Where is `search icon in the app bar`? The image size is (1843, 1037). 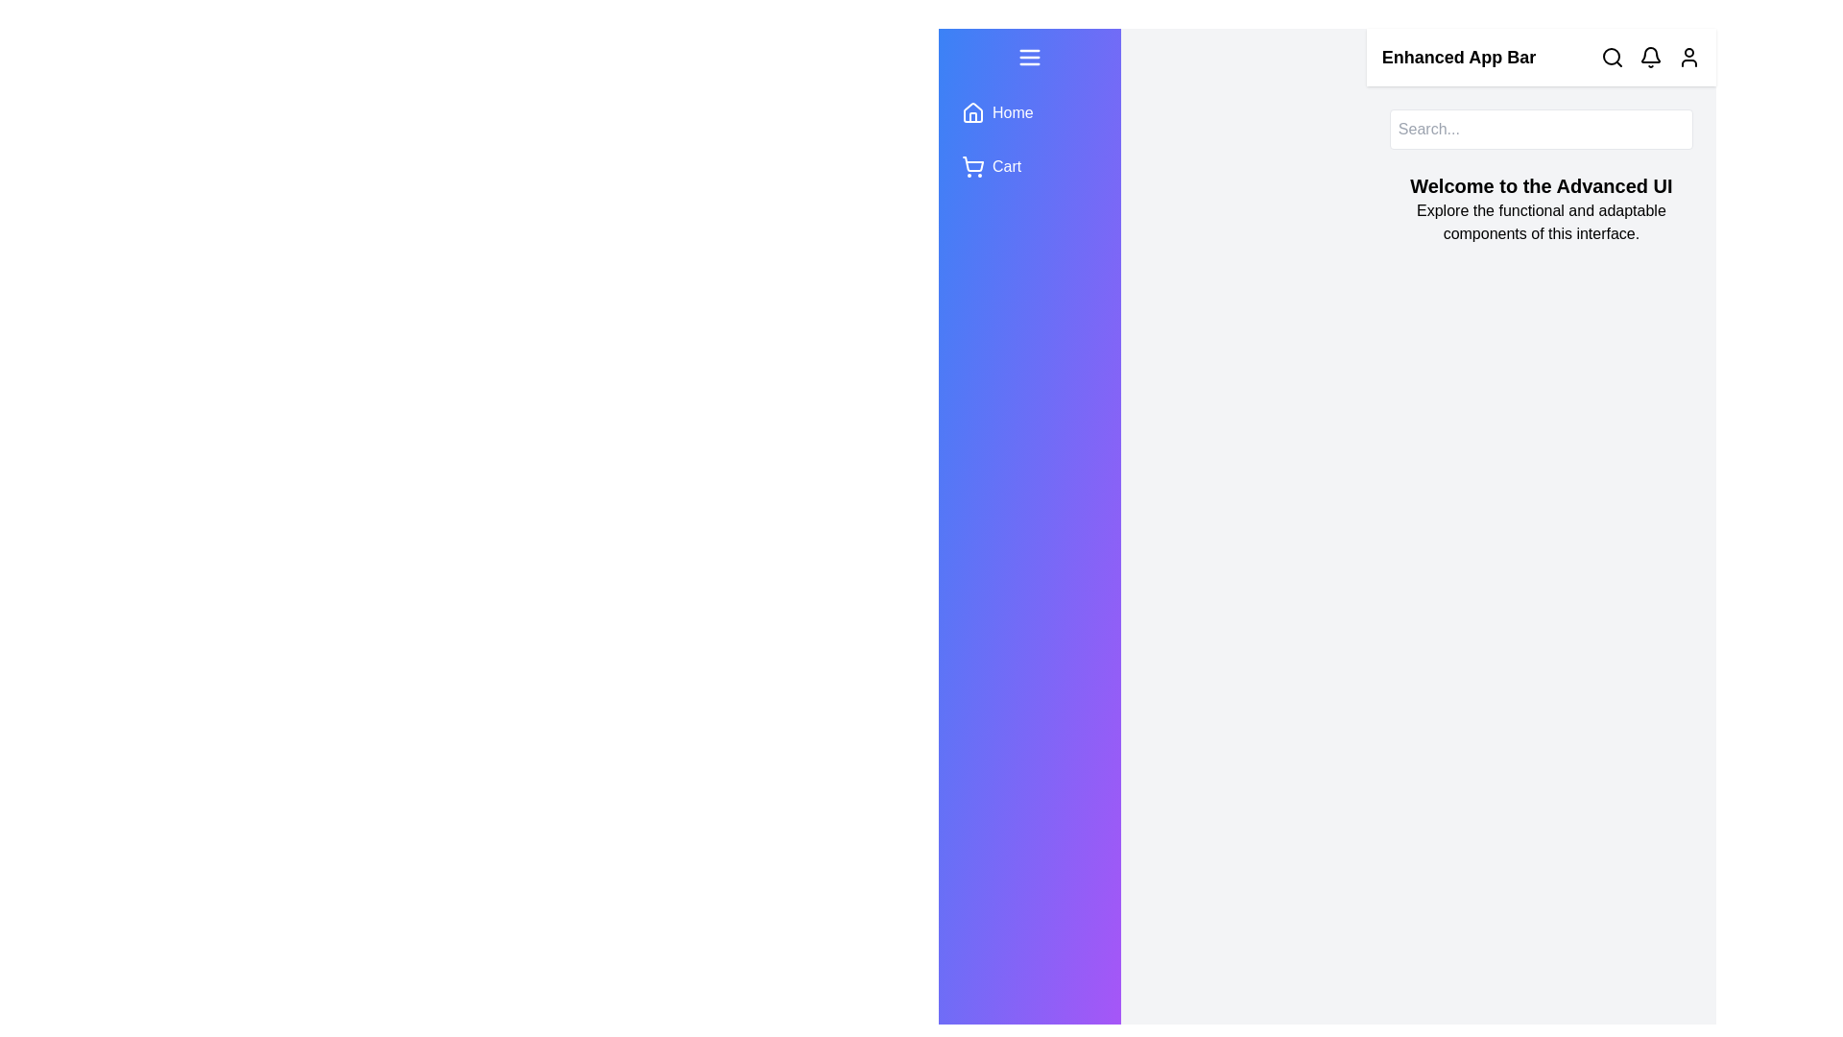
search icon in the app bar is located at coordinates (1613, 57).